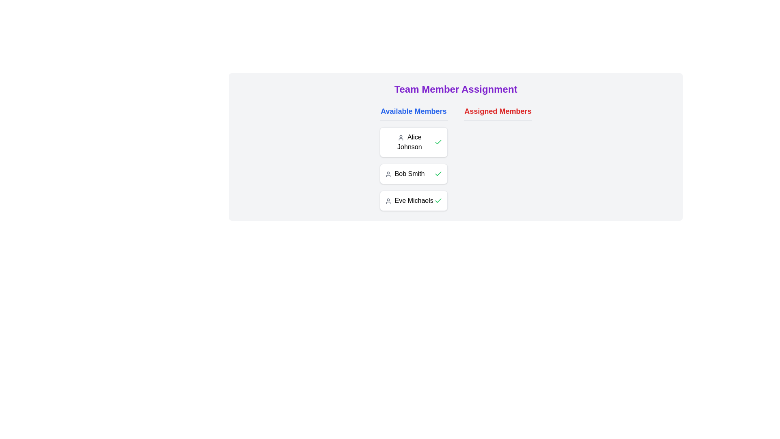  I want to click on the user profile icon located to the left of the 'Bob Smith' text, which serves as a visual identifier for the name, so click(388, 174).